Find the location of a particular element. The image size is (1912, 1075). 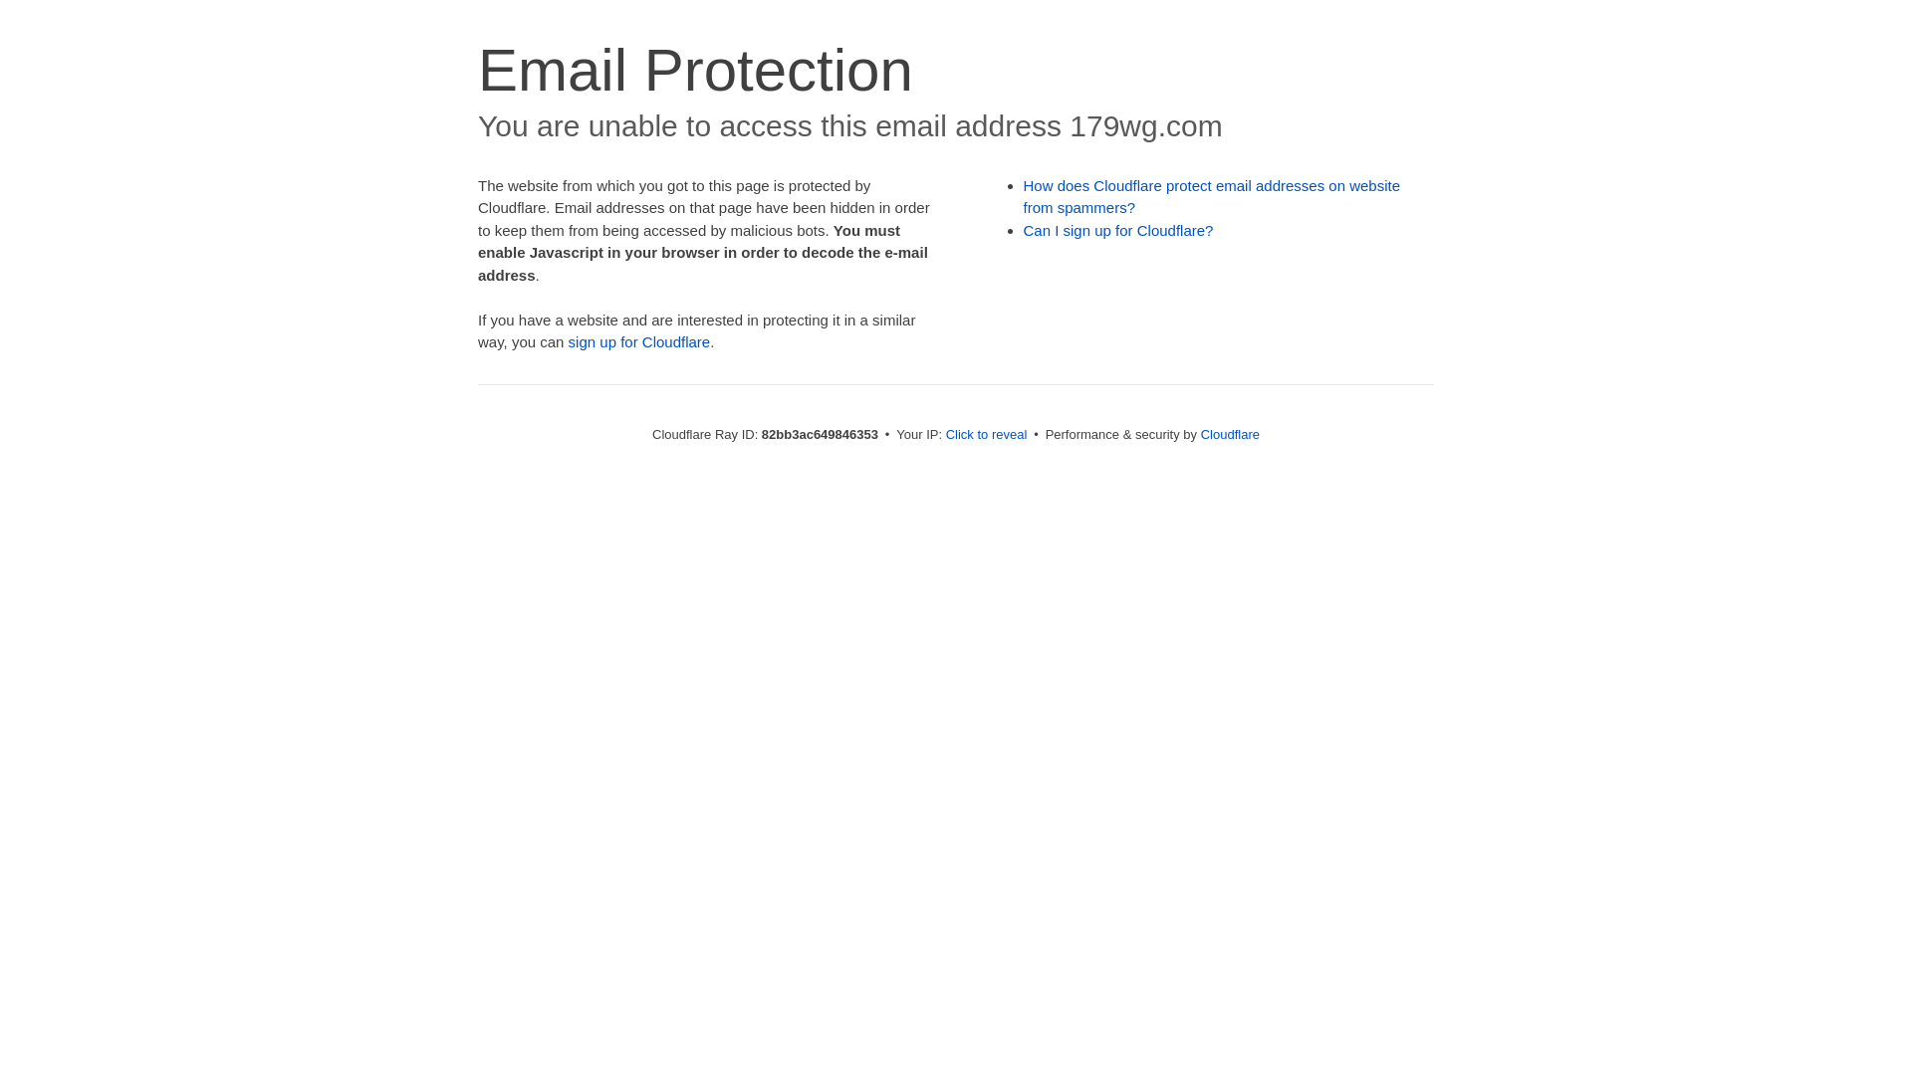

'Cloudflare' is located at coordinates (1199, 433).